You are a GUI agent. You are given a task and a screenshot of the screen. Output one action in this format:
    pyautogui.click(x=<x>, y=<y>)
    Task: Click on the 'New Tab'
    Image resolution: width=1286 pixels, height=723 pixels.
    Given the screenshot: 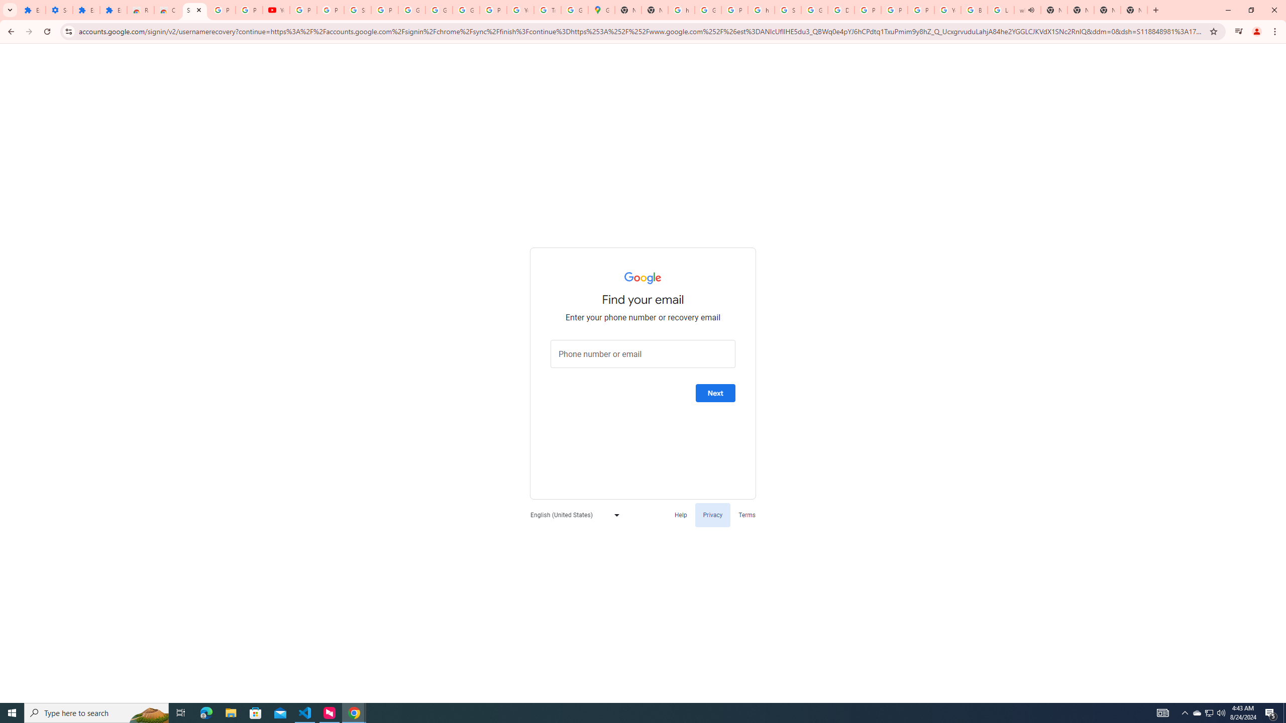 What is the action you would take?
    pyautogui.click(x=1107, y=10)
    